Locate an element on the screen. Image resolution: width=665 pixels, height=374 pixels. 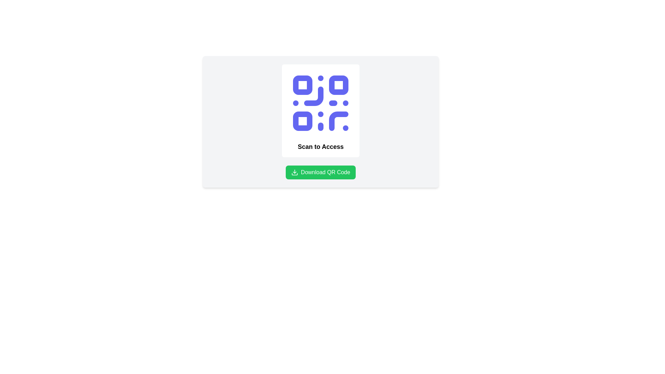
the green button labeled 'Download QR Code' is located at coordinates (320, 172).